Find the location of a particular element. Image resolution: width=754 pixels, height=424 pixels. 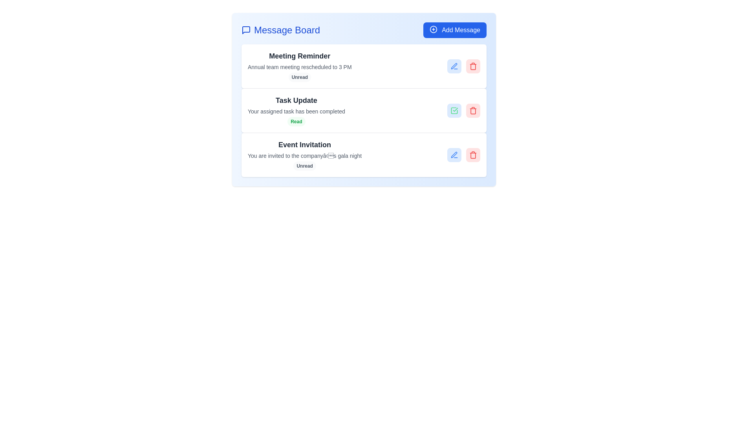

the green text label reading 'Read', which is styled as a rounded rectangle with a light green background, located below the text 'Your assigned task has been completed' in the 'Task Update' section is located at coordinates (296, 121).